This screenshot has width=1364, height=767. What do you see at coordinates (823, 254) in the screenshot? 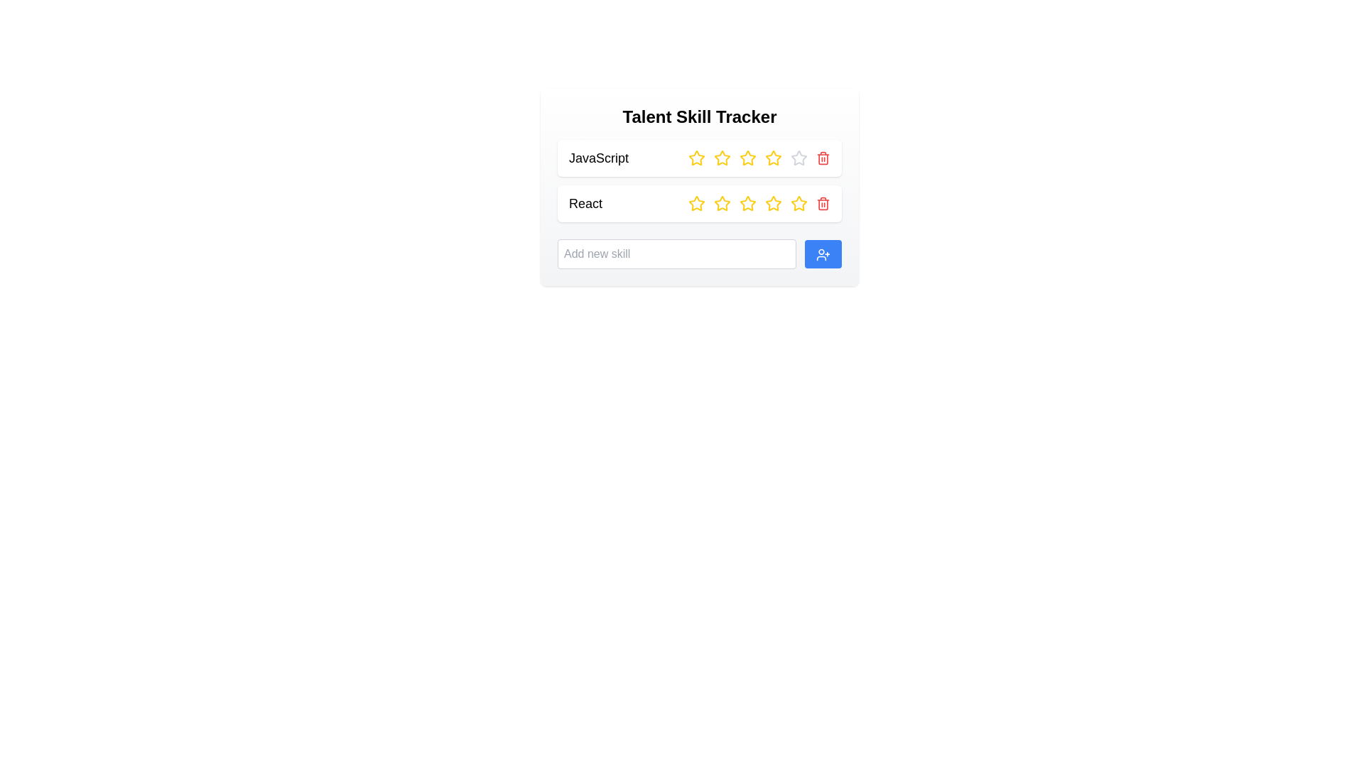
I see `the blue button with rounded corners and a person icon` at bounding box center [823, 254].